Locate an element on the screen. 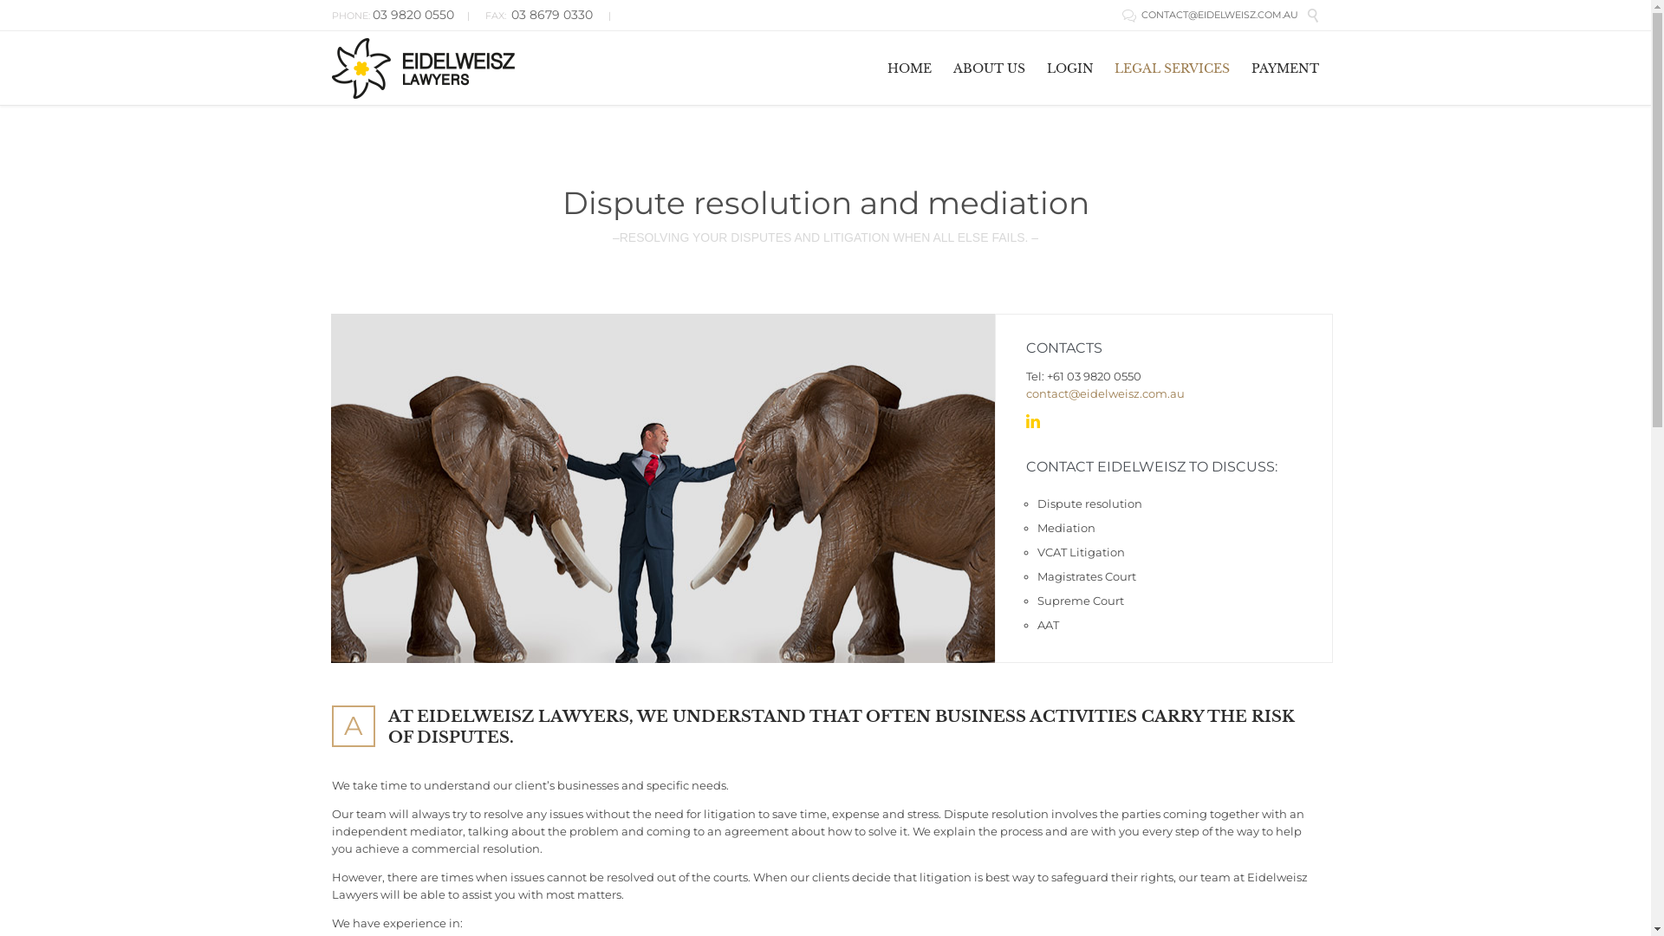 The width and height of the screenshot is (1664, 936). 'LEGAL SERVICES' is located at coordinates (1173, 66).